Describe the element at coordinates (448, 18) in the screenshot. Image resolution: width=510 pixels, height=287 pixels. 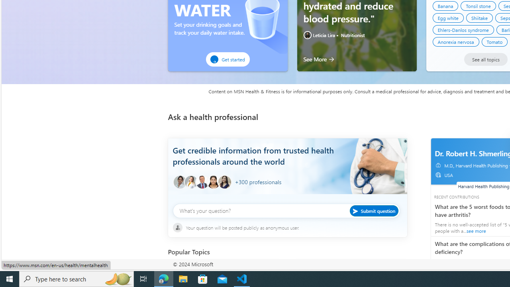
I see `'Egg white'` at that location.